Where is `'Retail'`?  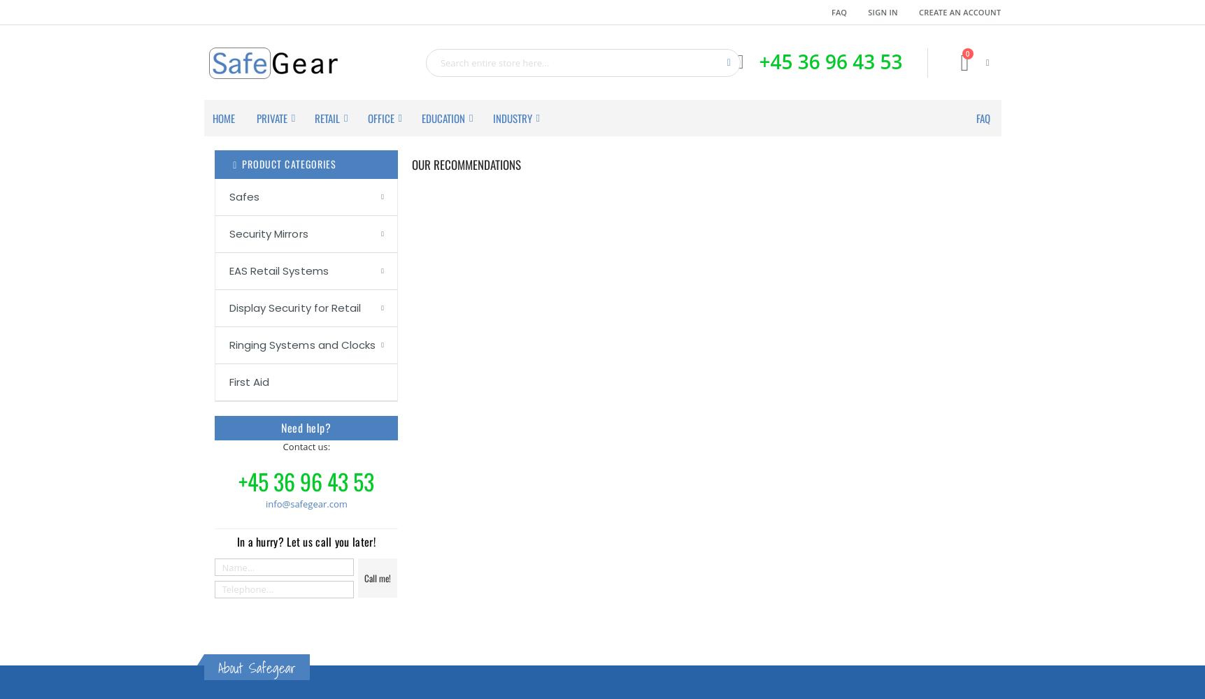
'Retail' is located at coordinates (315, 118).